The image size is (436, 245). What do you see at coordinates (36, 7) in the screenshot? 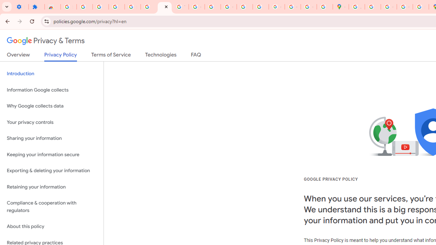
I see `'Extensions'` at bounding box center [36, 7].